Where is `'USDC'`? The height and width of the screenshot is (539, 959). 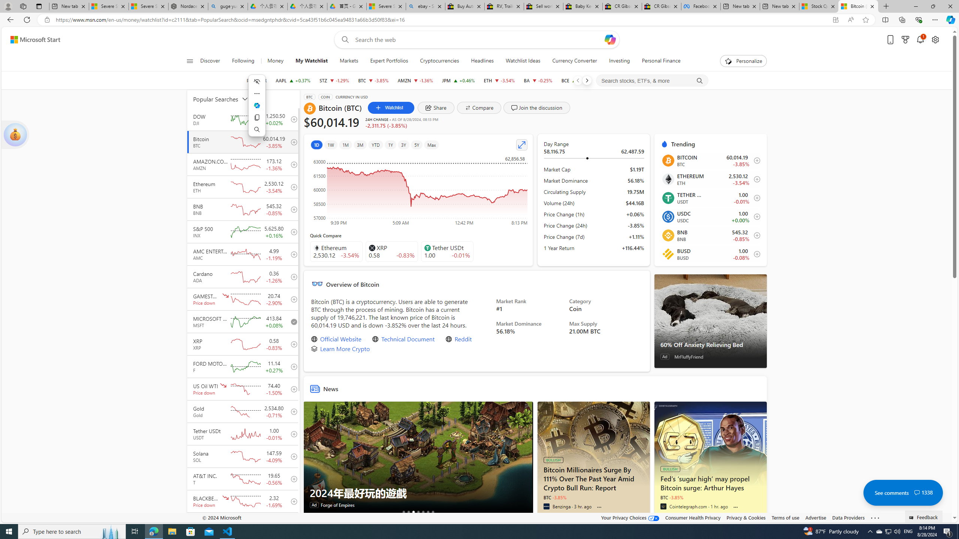
'USDC' is located at coordinates (668, 216).